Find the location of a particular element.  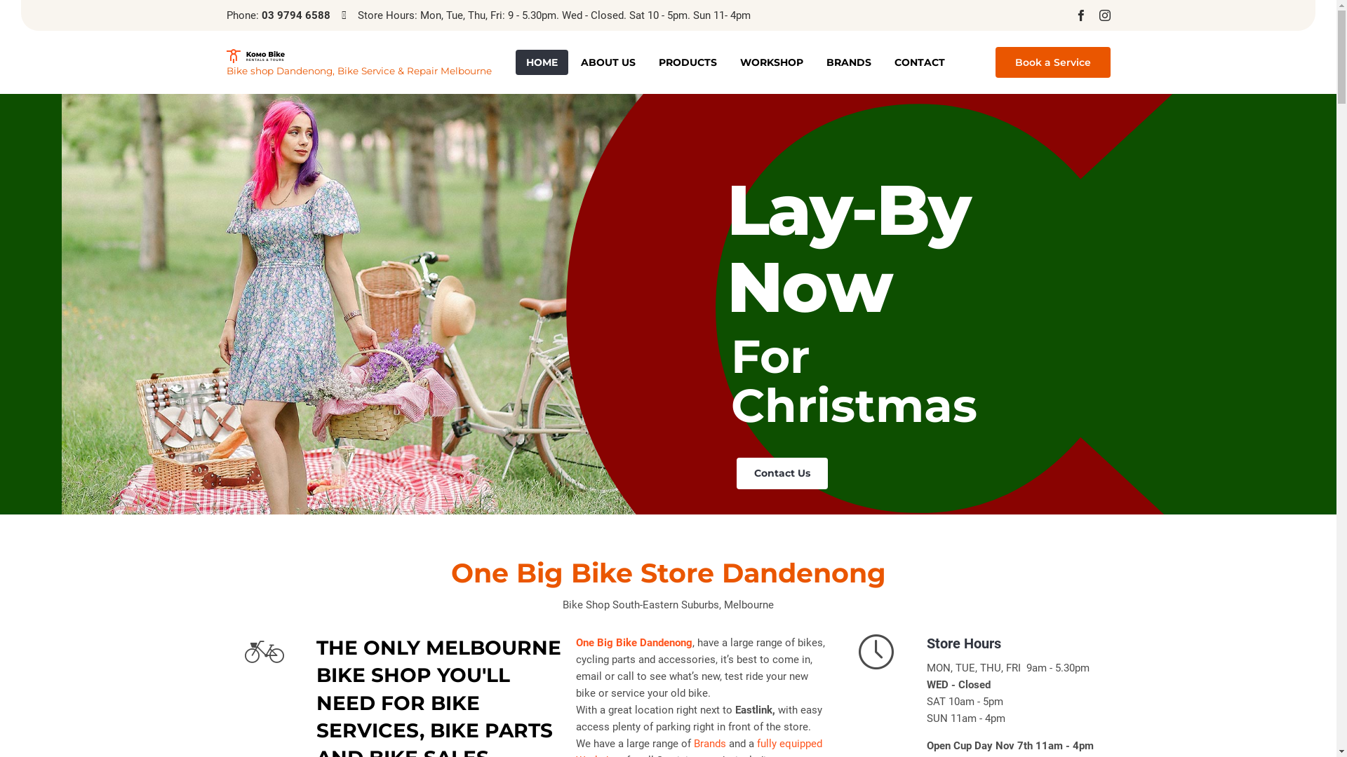

'Book a Service' is located at coordinates (1052, 61).